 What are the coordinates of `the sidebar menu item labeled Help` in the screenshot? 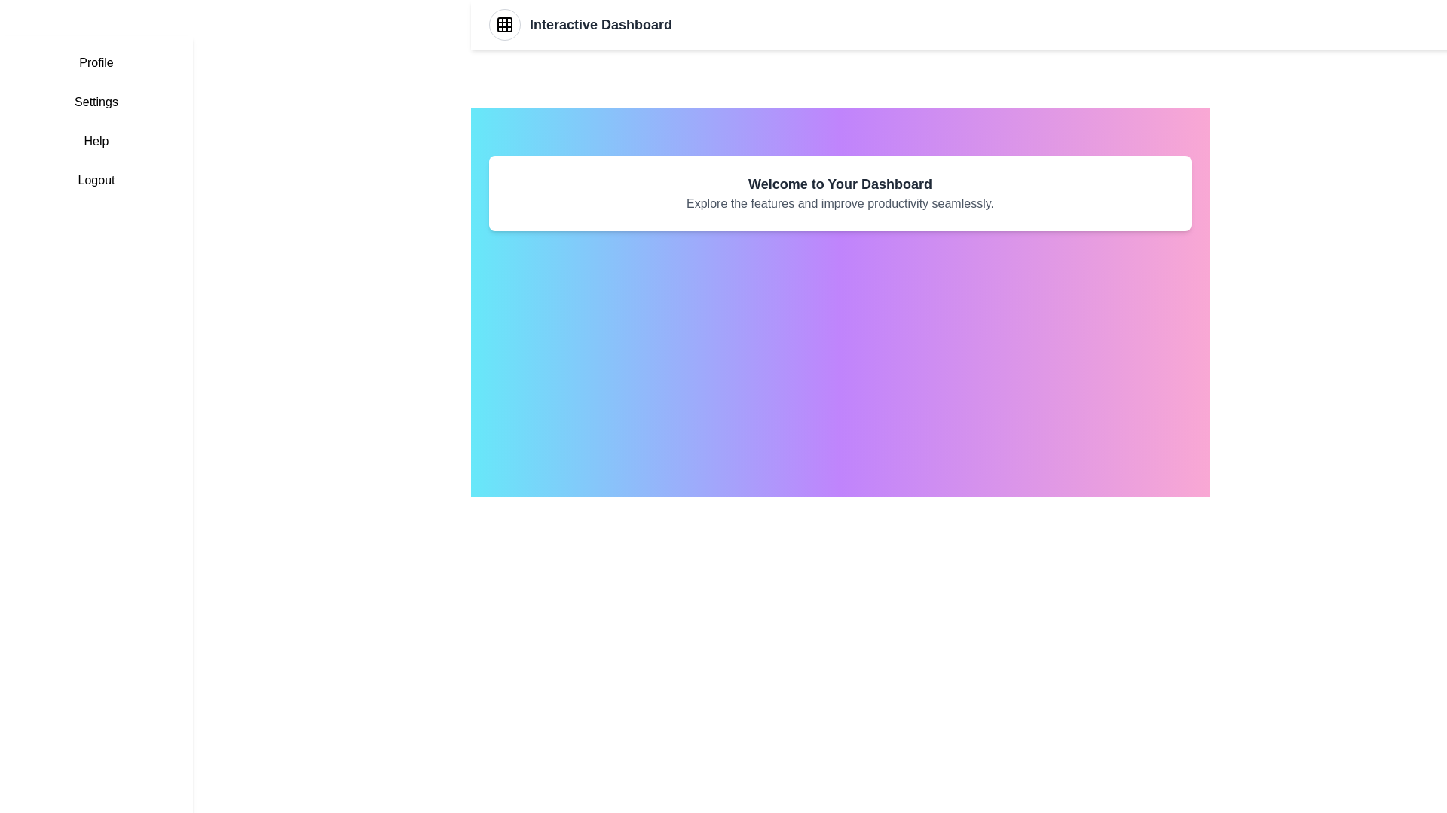 It's located at (96, 142).